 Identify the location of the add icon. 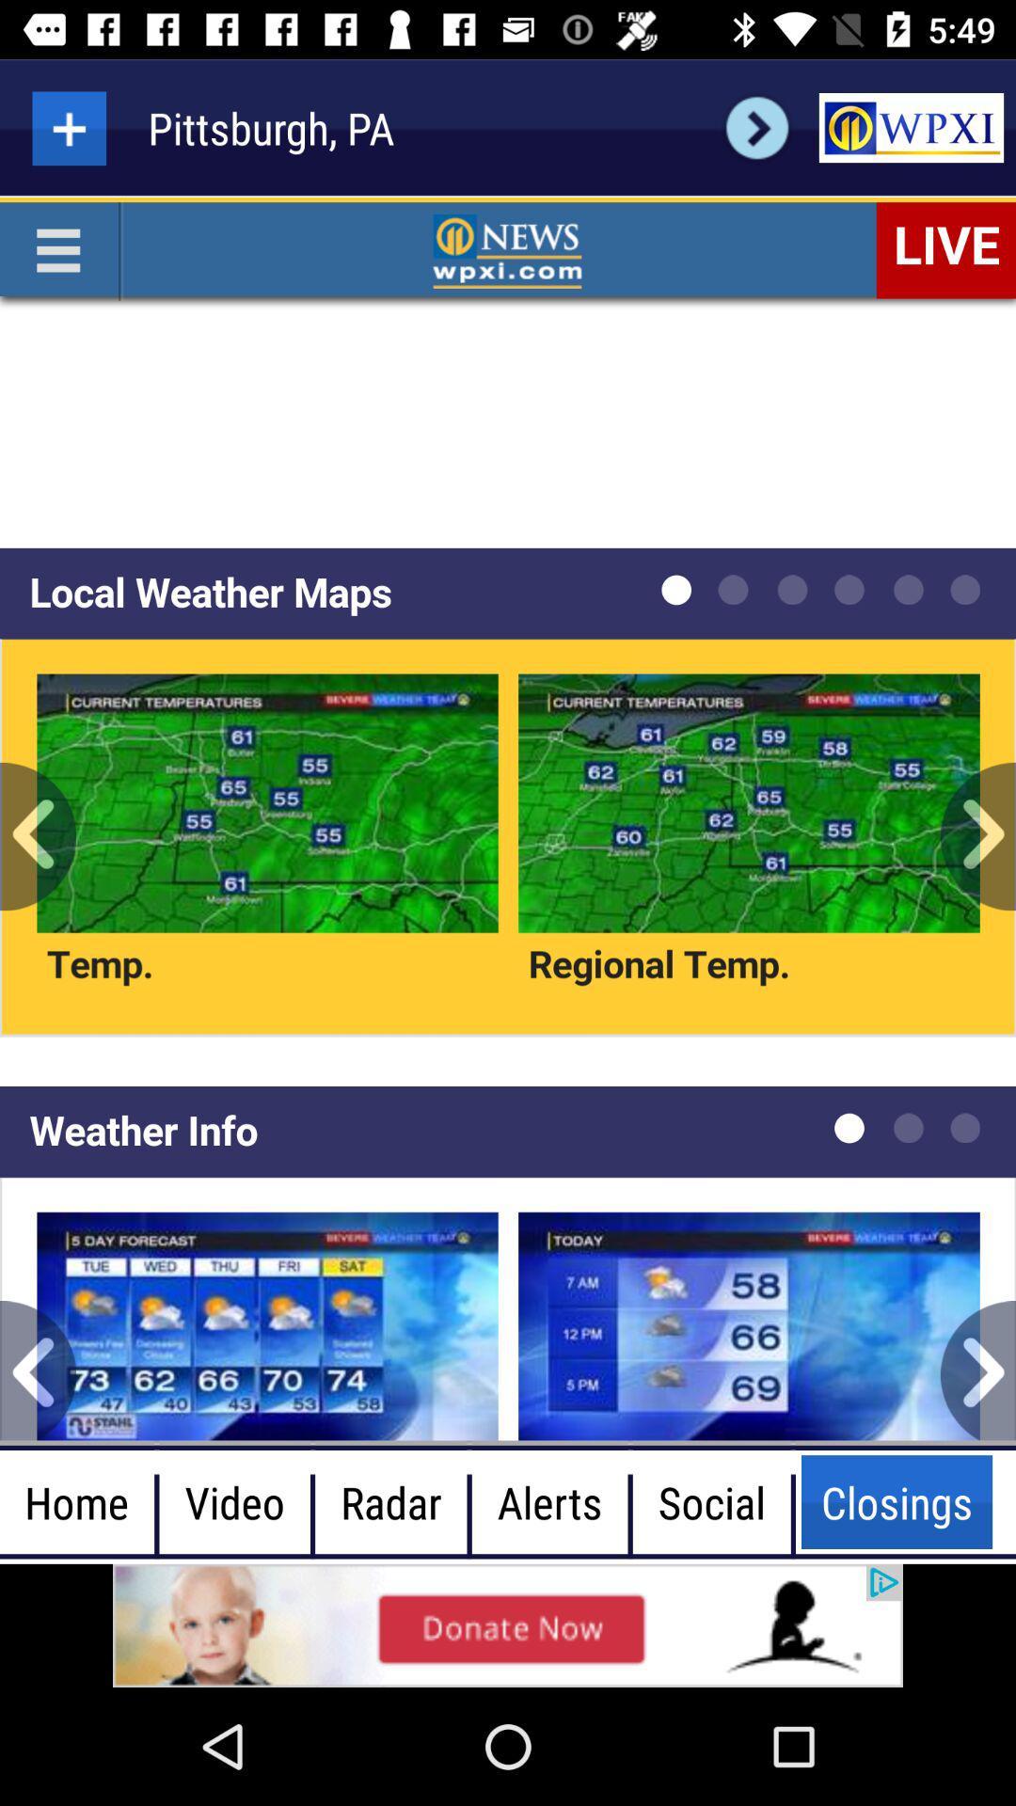
(68, 127).